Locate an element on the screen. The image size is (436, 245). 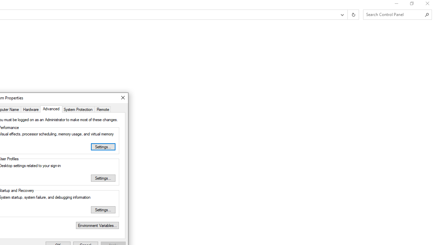
'Close' is located at coordinates (123, 98).